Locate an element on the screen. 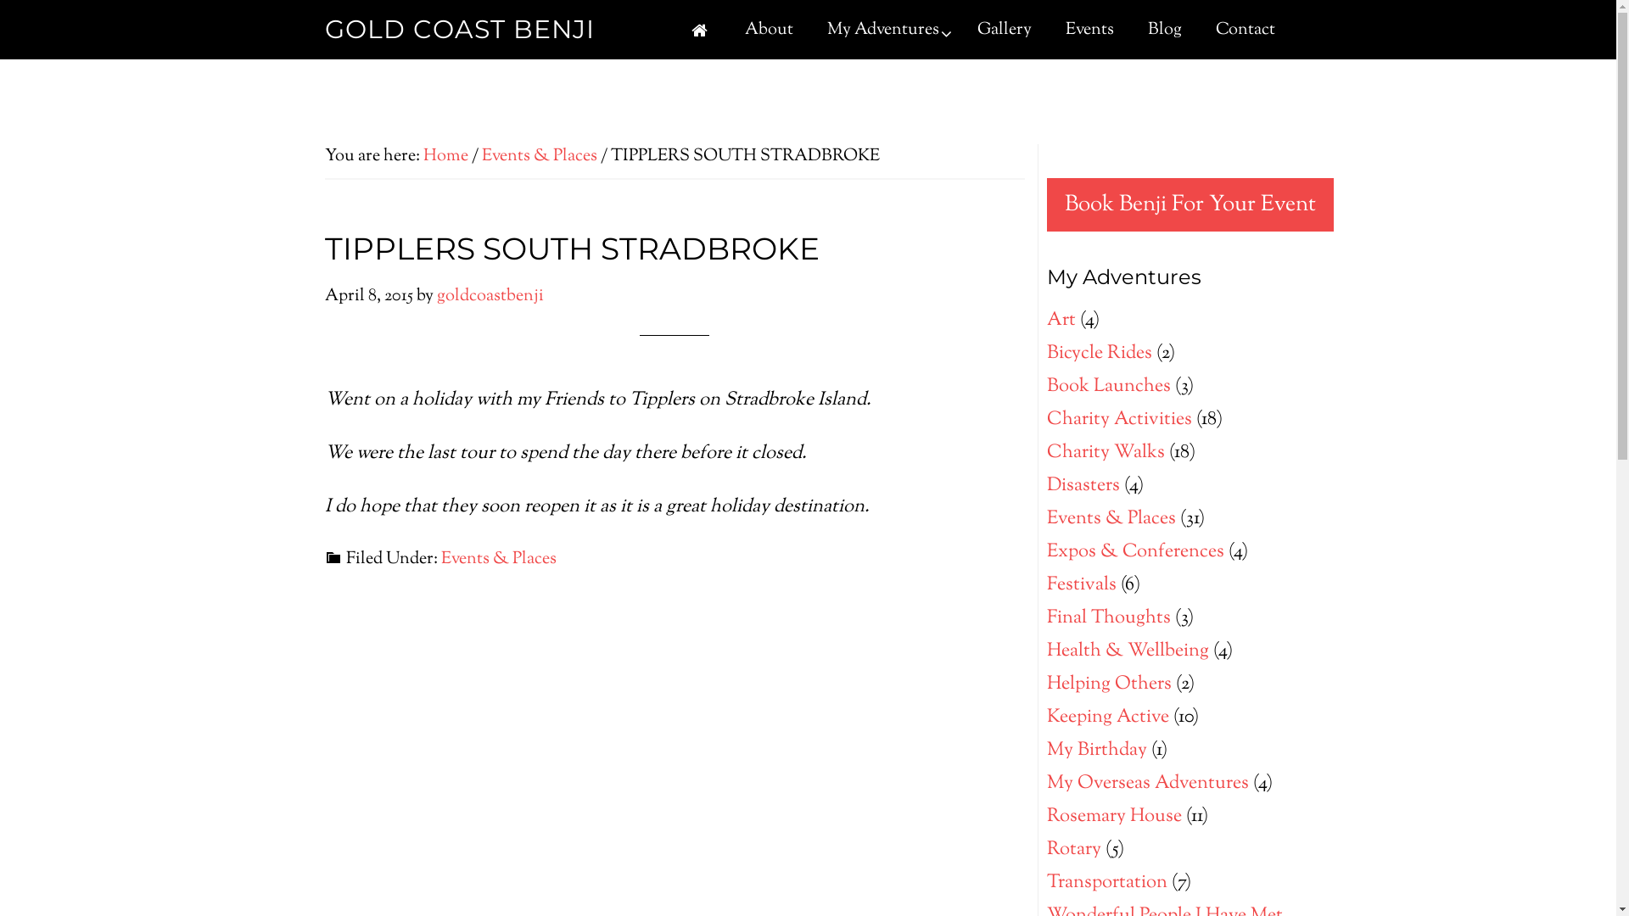 The image size is (1629, 916). 'GOLD COAST BENJI' is located at coordinates (459, 29).